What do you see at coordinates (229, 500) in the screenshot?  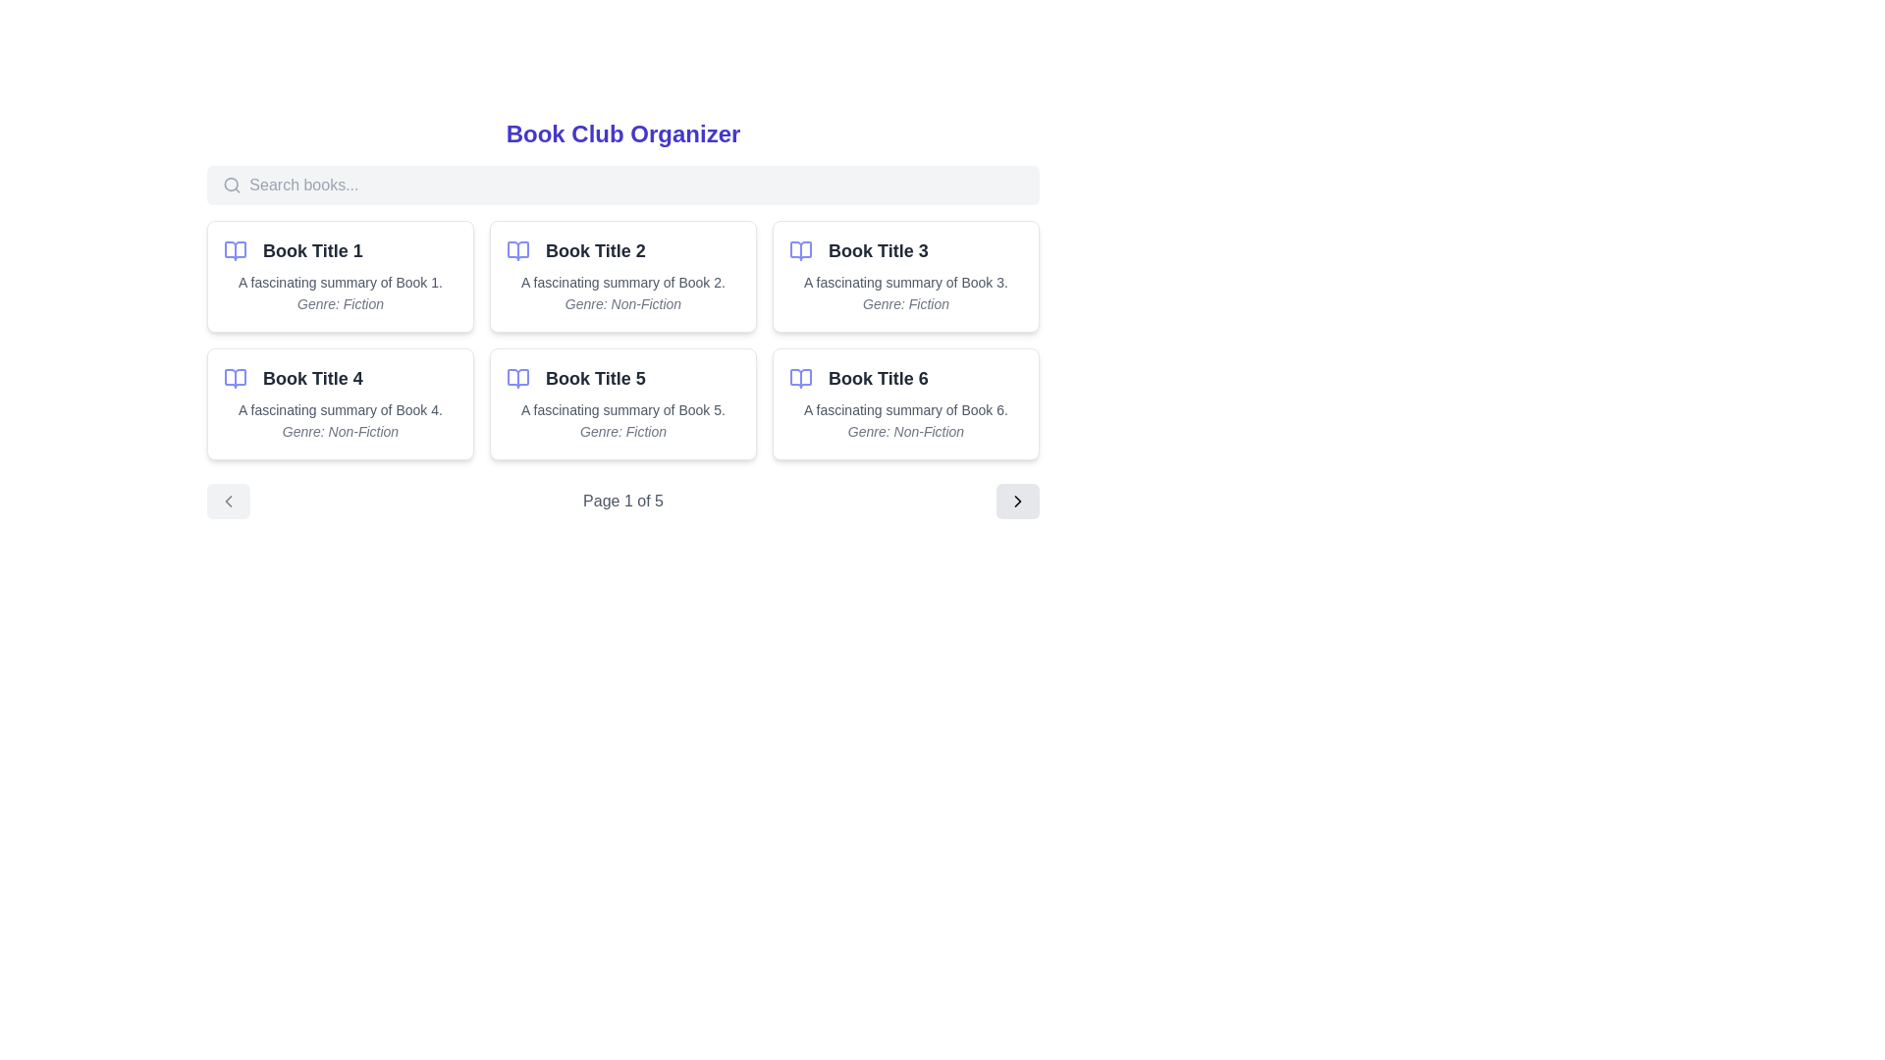 I see `the chevron icon located in the circular button at the bottom-left corner of the user interface` at bounding box center [229, 500].